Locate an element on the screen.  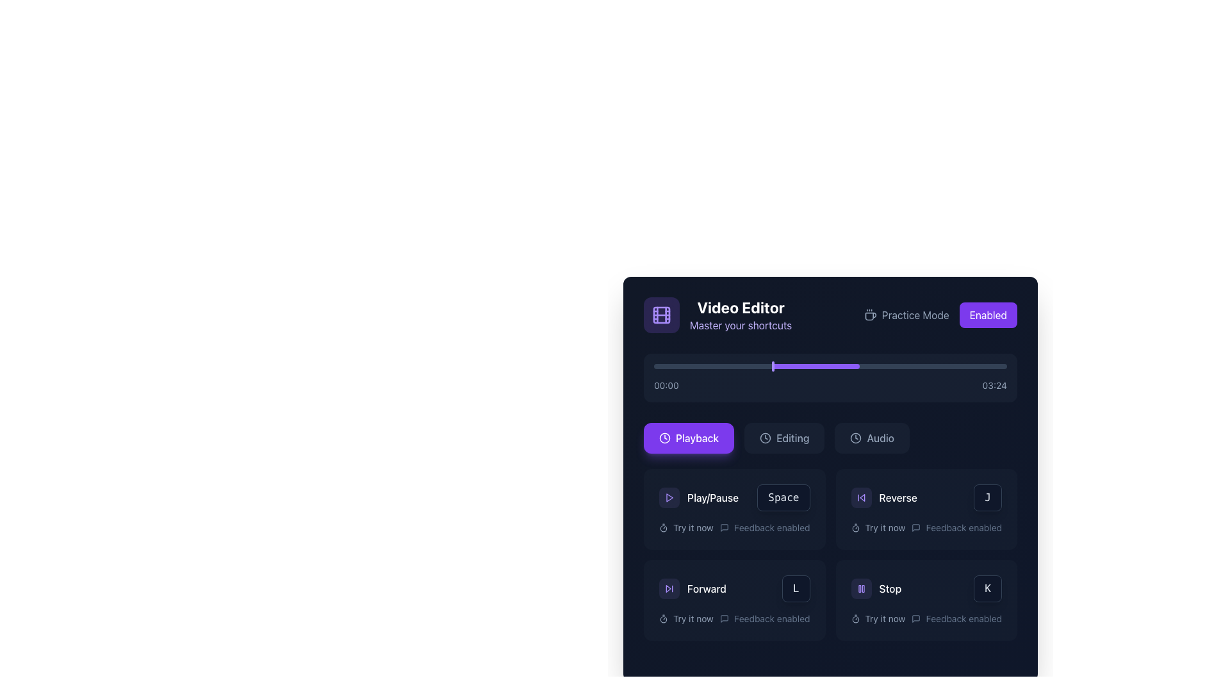
the 'Practice Mode' textual label, which is styled in light gray and located to the right of a coffee cup icon and to the left of an 'Enabled' button is located at coordinates (906, 315).